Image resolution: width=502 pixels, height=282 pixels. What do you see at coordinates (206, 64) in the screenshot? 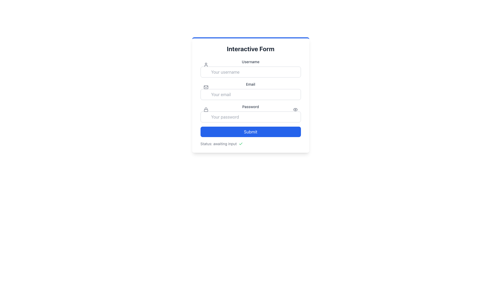
I see `the user icon located at the far-left inside the 'Username' input field, which is represented by a circular head and simplified body in gray, serving as a visual indicator for the field's purpose` at bounding box center [206, 64].